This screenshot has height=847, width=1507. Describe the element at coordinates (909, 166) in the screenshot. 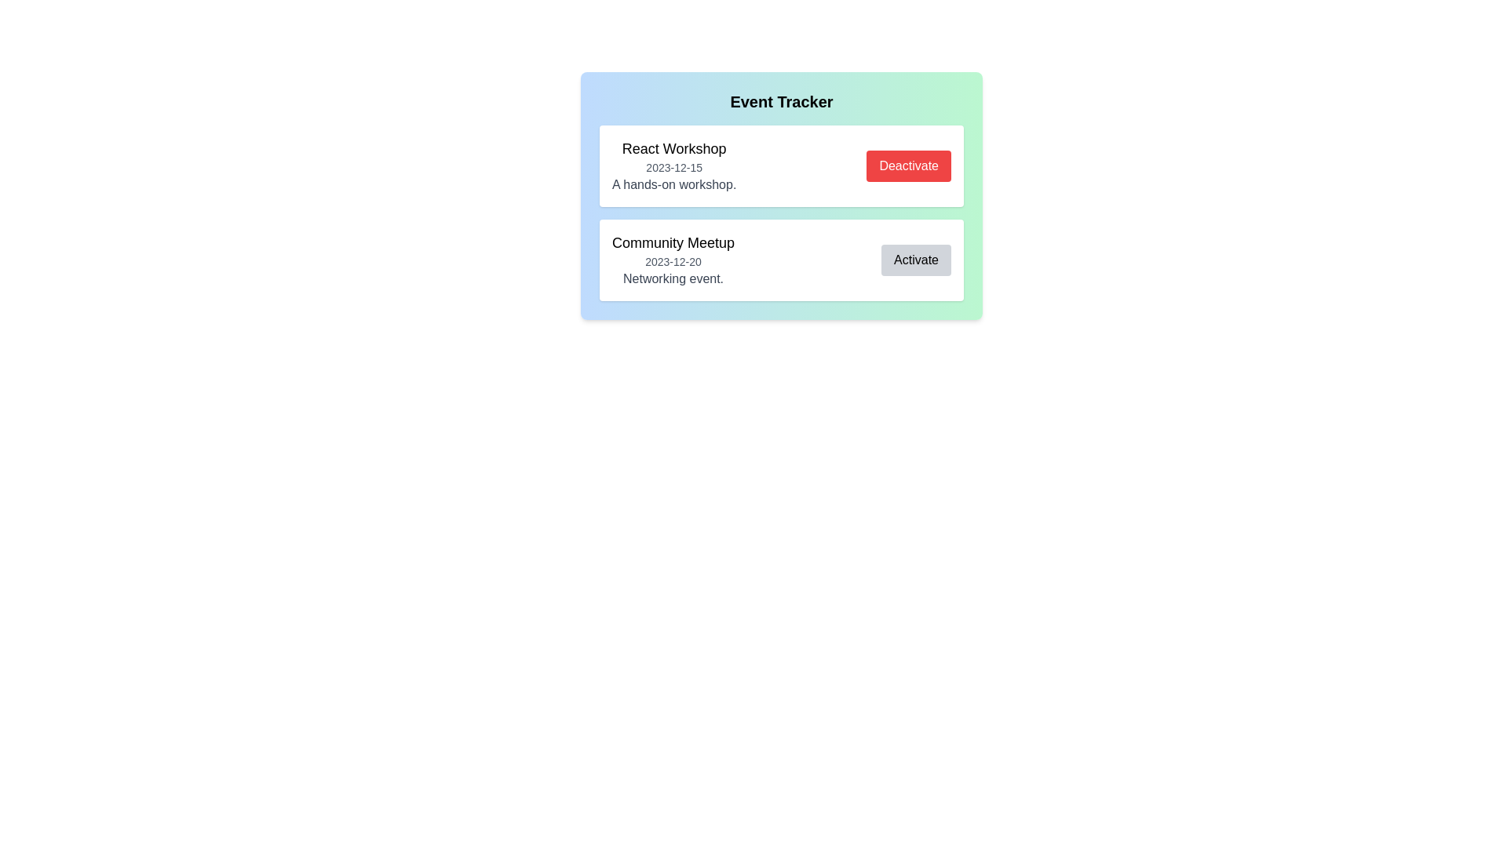

I see `the button labeled Deactivate to toggle the event's activation status` at that location.